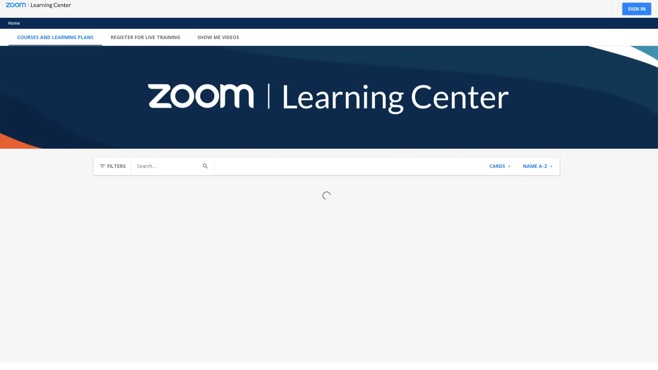 This screenshot has width=658, height=370. I want to click on Close, so click(264, 322).